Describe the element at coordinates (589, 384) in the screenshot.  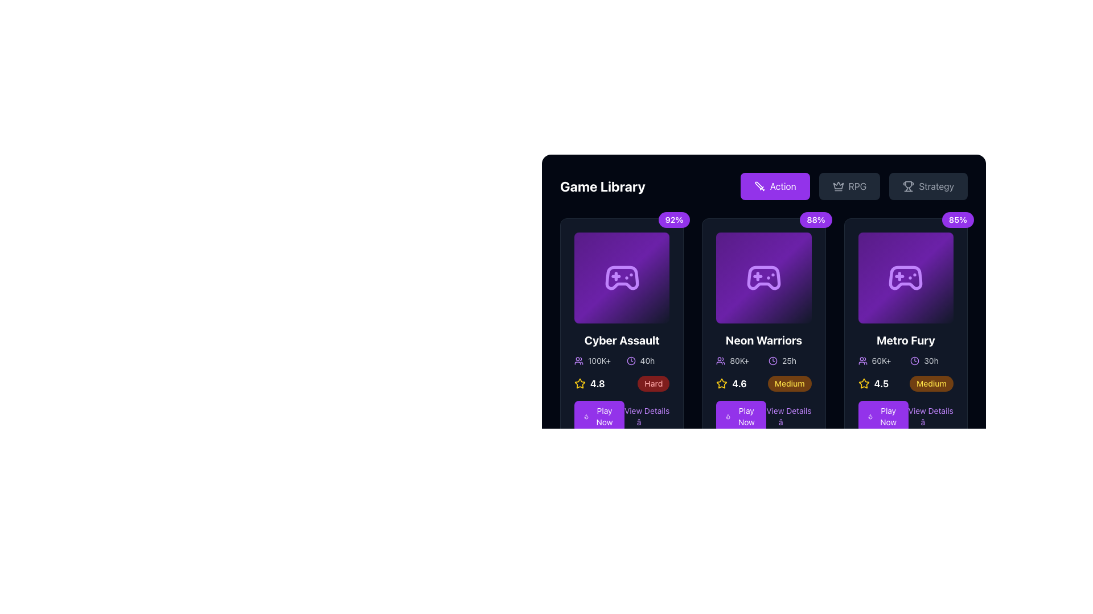
I see `the rating display that shows a yellow star icon and the text '4.8' in bold white font, located below the title 'Cyber Assault' and beside the red tag 'Hard'` at that location.